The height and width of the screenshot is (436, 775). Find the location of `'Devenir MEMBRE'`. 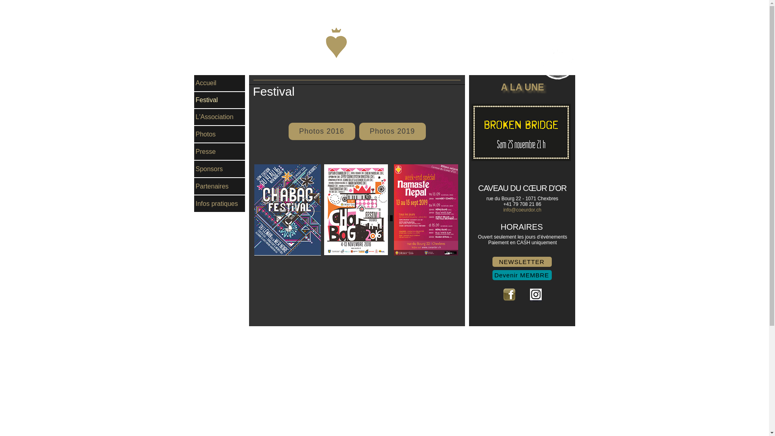

'Devenir MEMBRE' is located at coordinates (522, 275).